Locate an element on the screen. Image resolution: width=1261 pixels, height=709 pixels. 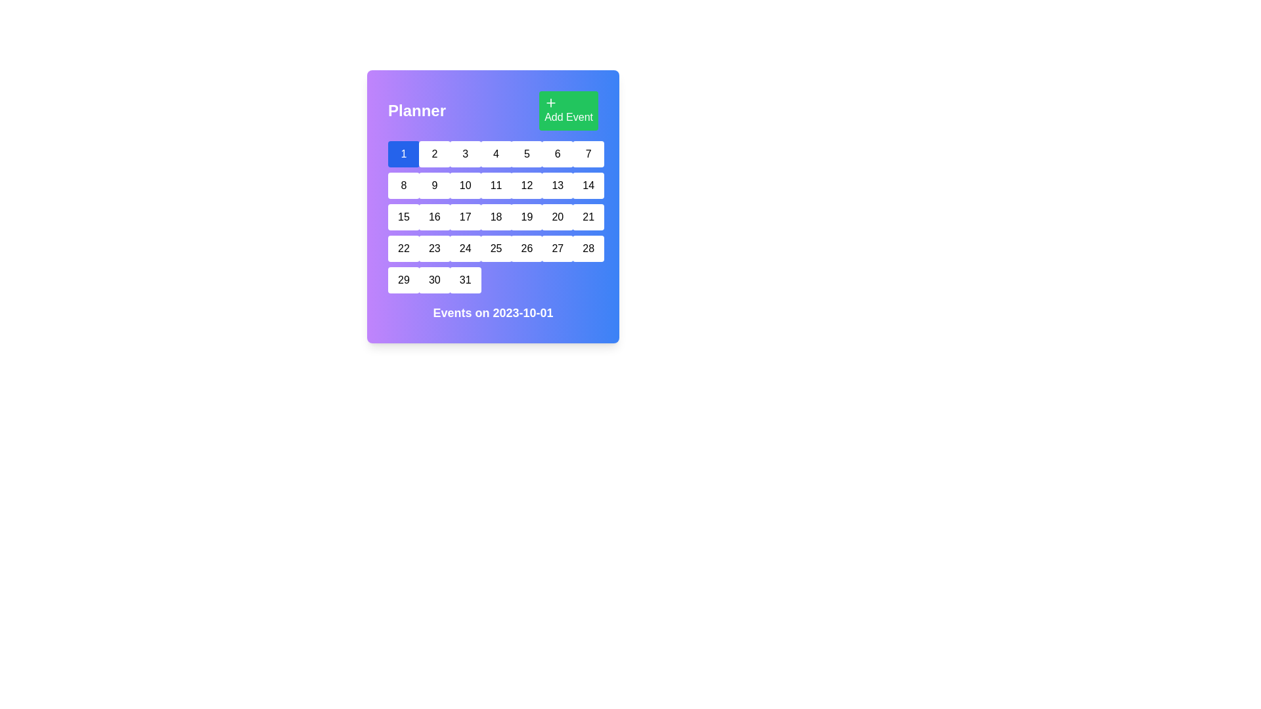
the rectangular button labeled '25' in the fifth row and fourth column of the grid-based calendar layout is located at coordinates (495, 248).